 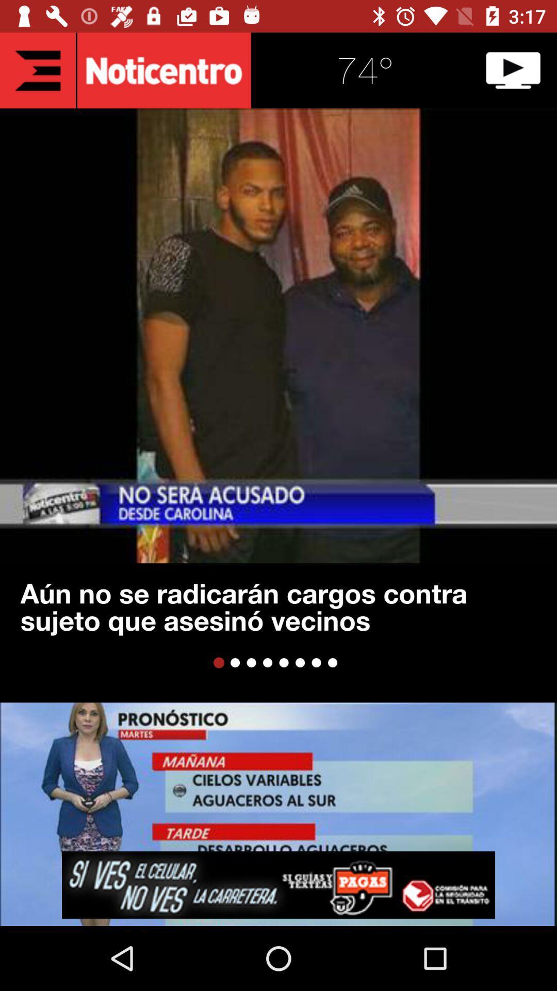 I want to click on next program, so click(x=513, y=70).